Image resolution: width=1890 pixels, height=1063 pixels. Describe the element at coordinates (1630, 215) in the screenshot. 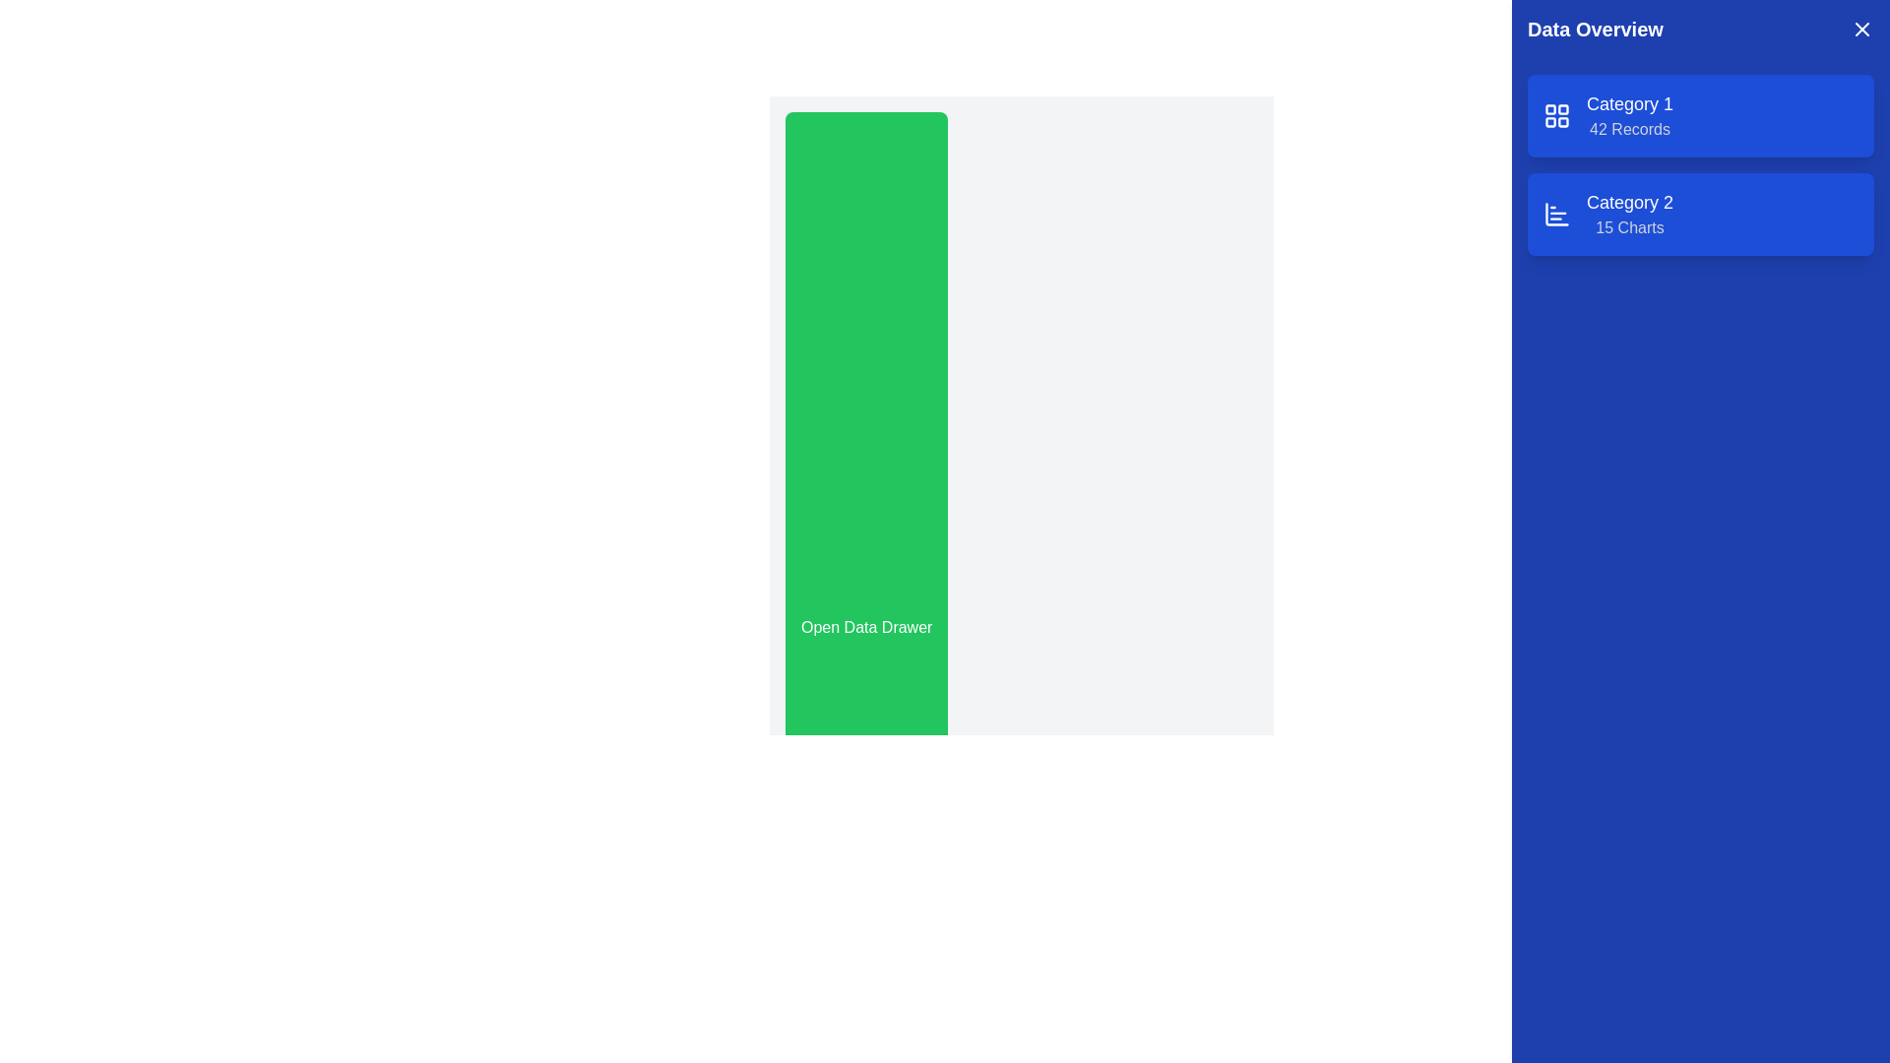

I see `the center of the second category item in the drawer list` at that location.